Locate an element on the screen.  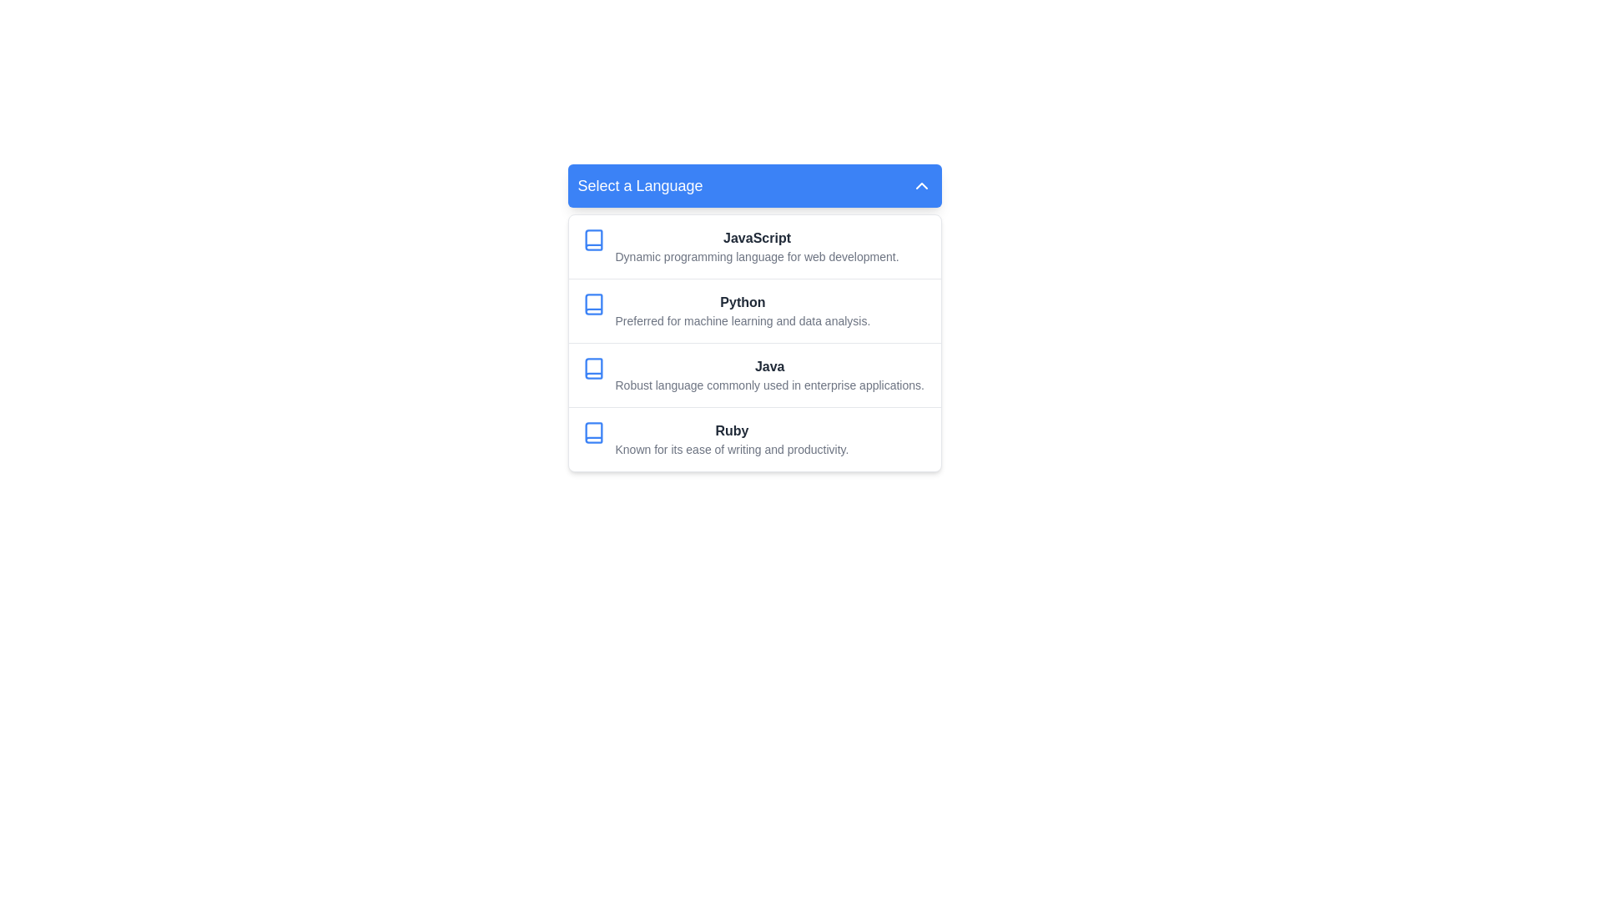
the textual list item displaying 'Ruby' is located at coordinates (732, 439).